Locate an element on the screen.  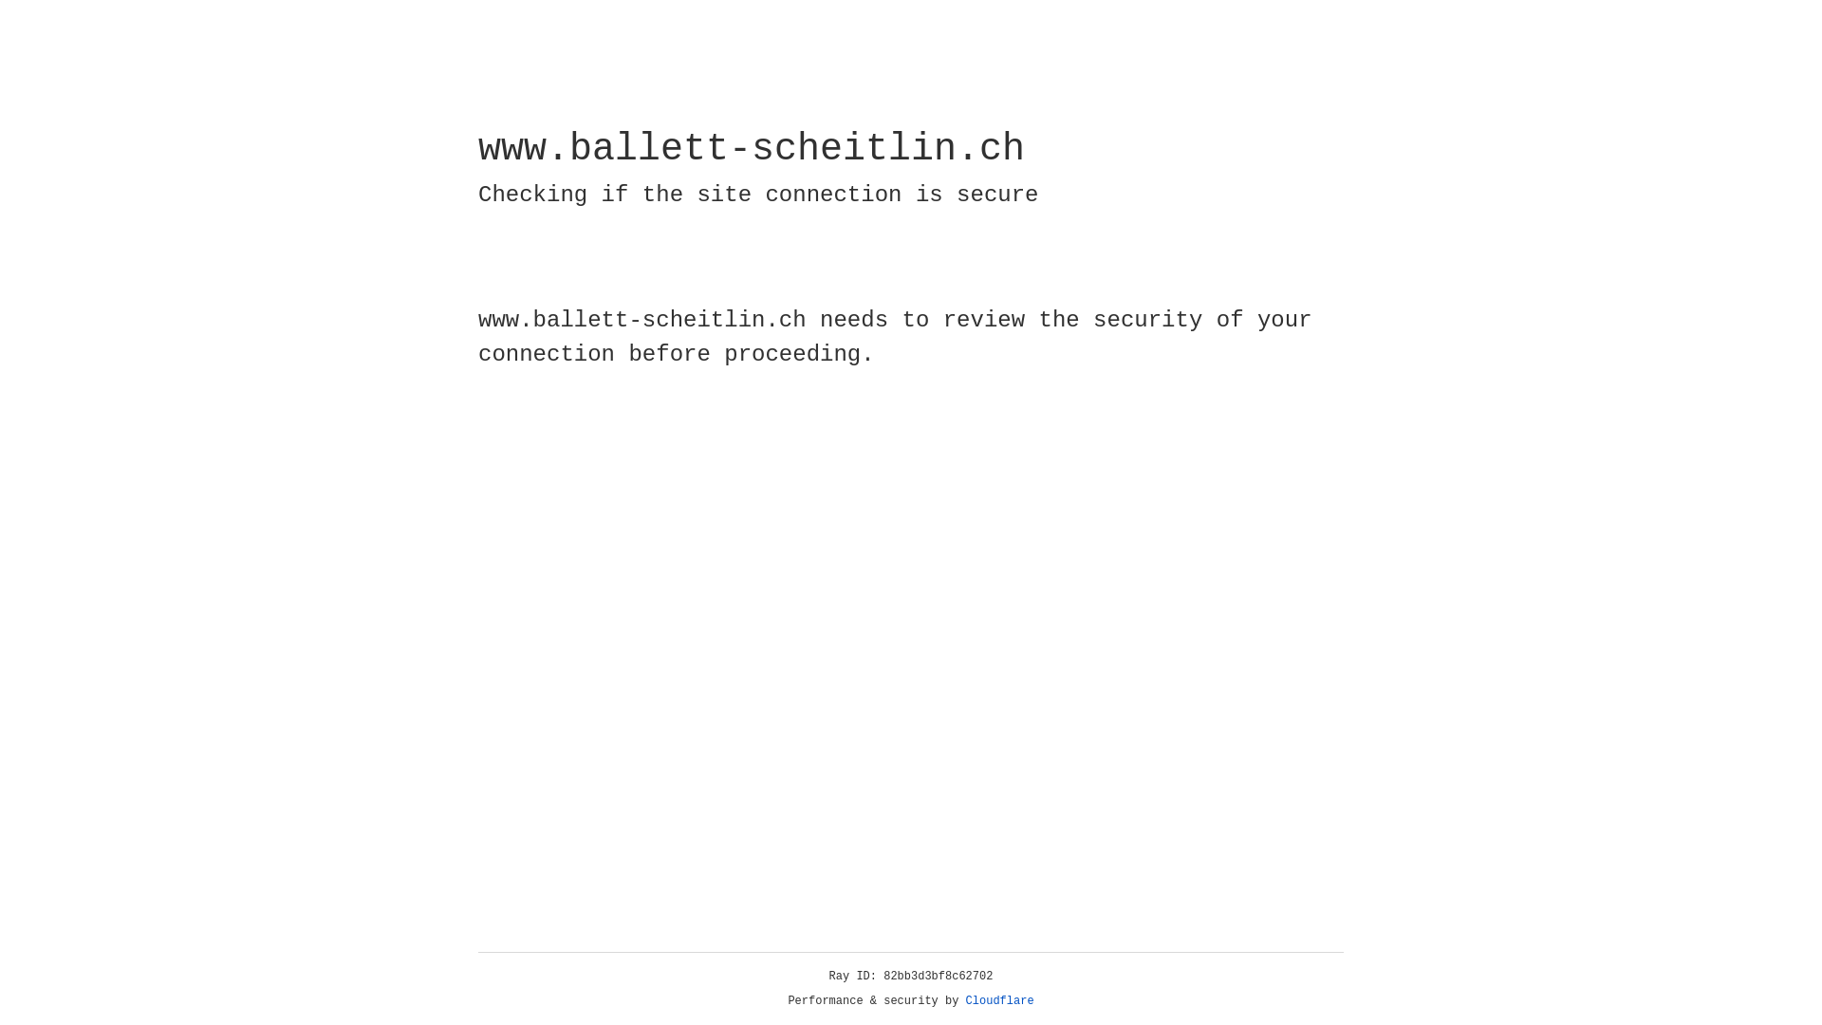
'Cloudflare' is located at coordinates (999, 1000).